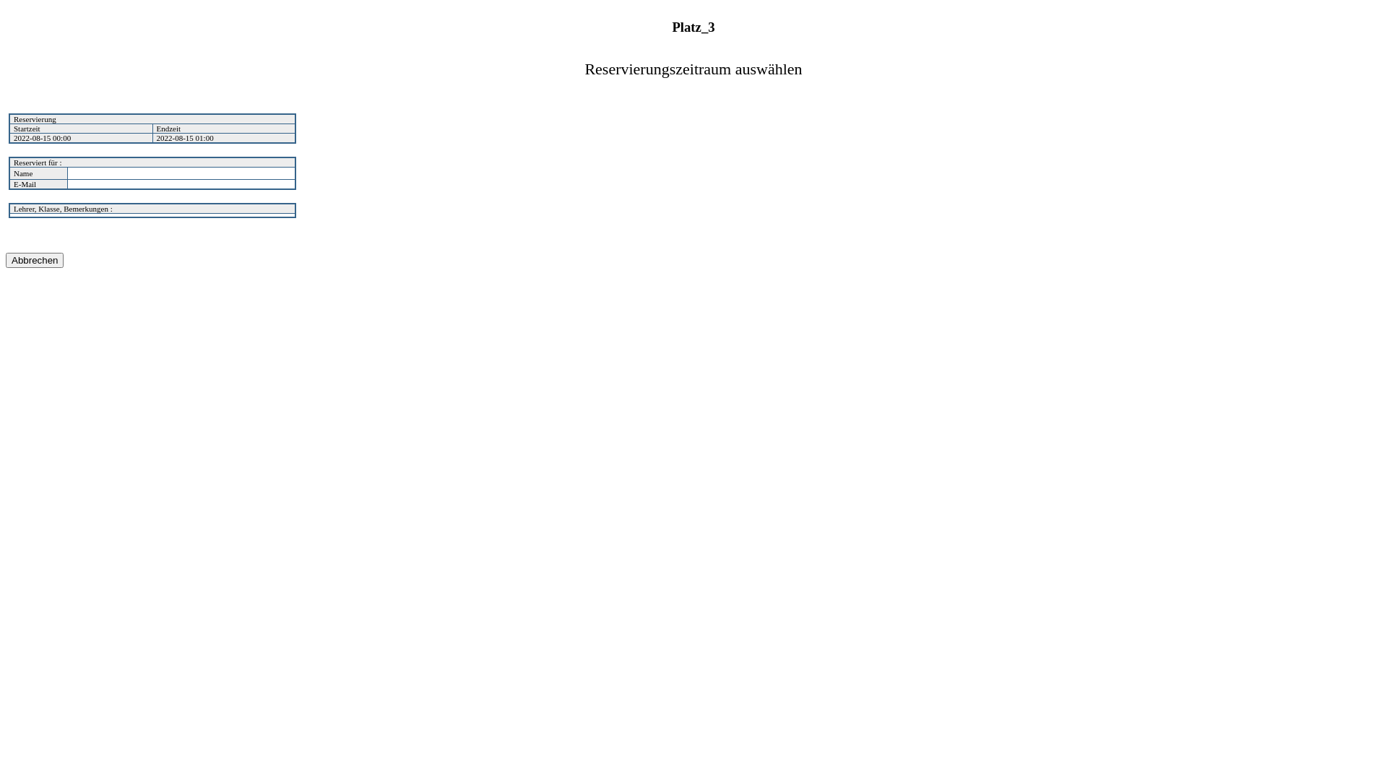  What do you see at coordinates (35, 260) in the screenshot?
I see `'Abbrechen'` at bounding box center [35, 260].